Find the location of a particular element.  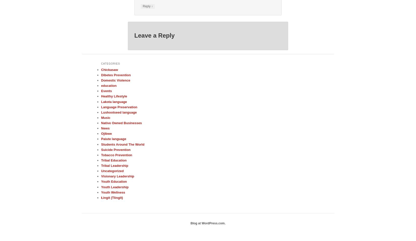

'Tribal Leadership' is located at coordinates (101, 165).